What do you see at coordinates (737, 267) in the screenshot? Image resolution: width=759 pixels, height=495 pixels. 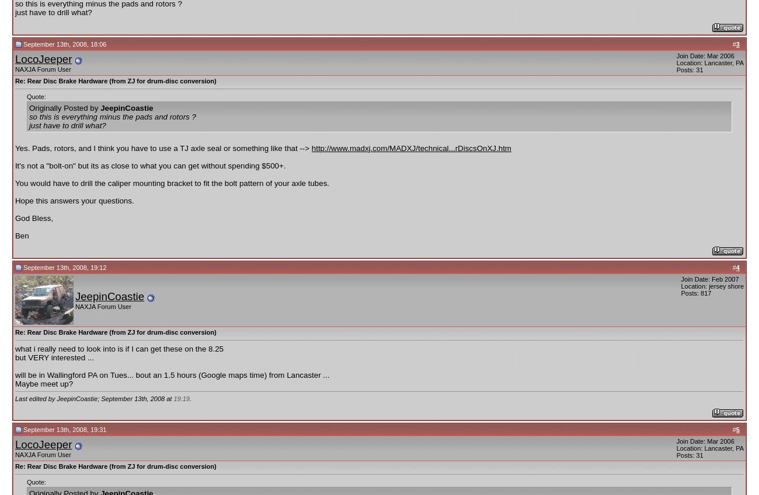 I see `'4'` at bounding box center [737, 267].